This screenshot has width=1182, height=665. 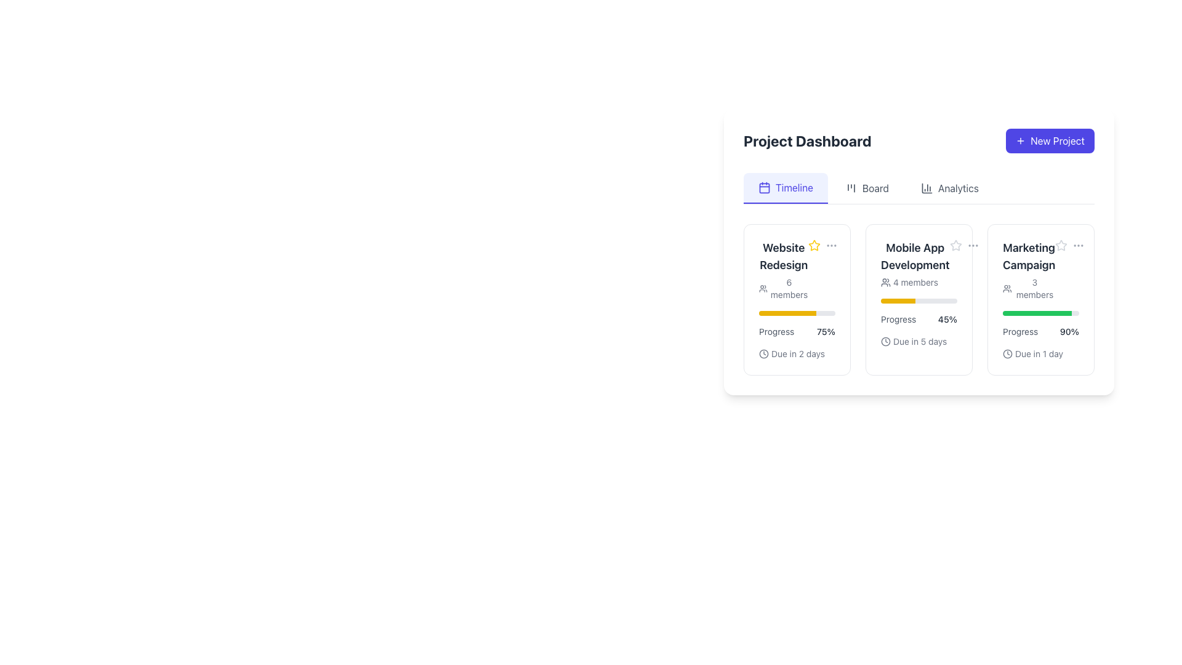 I want to click on the filled section of the progress bar indicating 75% completion within the 'Website Redesign' card, located below the 'Progress' label, so click(x=787, y=313).